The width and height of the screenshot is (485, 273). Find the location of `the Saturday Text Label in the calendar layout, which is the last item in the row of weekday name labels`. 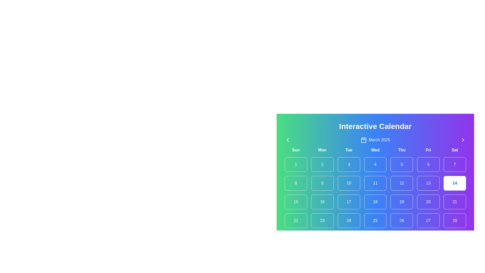

the Saturday Text Label in the calendar layout, which is the last item in the row of weekday name labels is located at coordinates (455, 150).